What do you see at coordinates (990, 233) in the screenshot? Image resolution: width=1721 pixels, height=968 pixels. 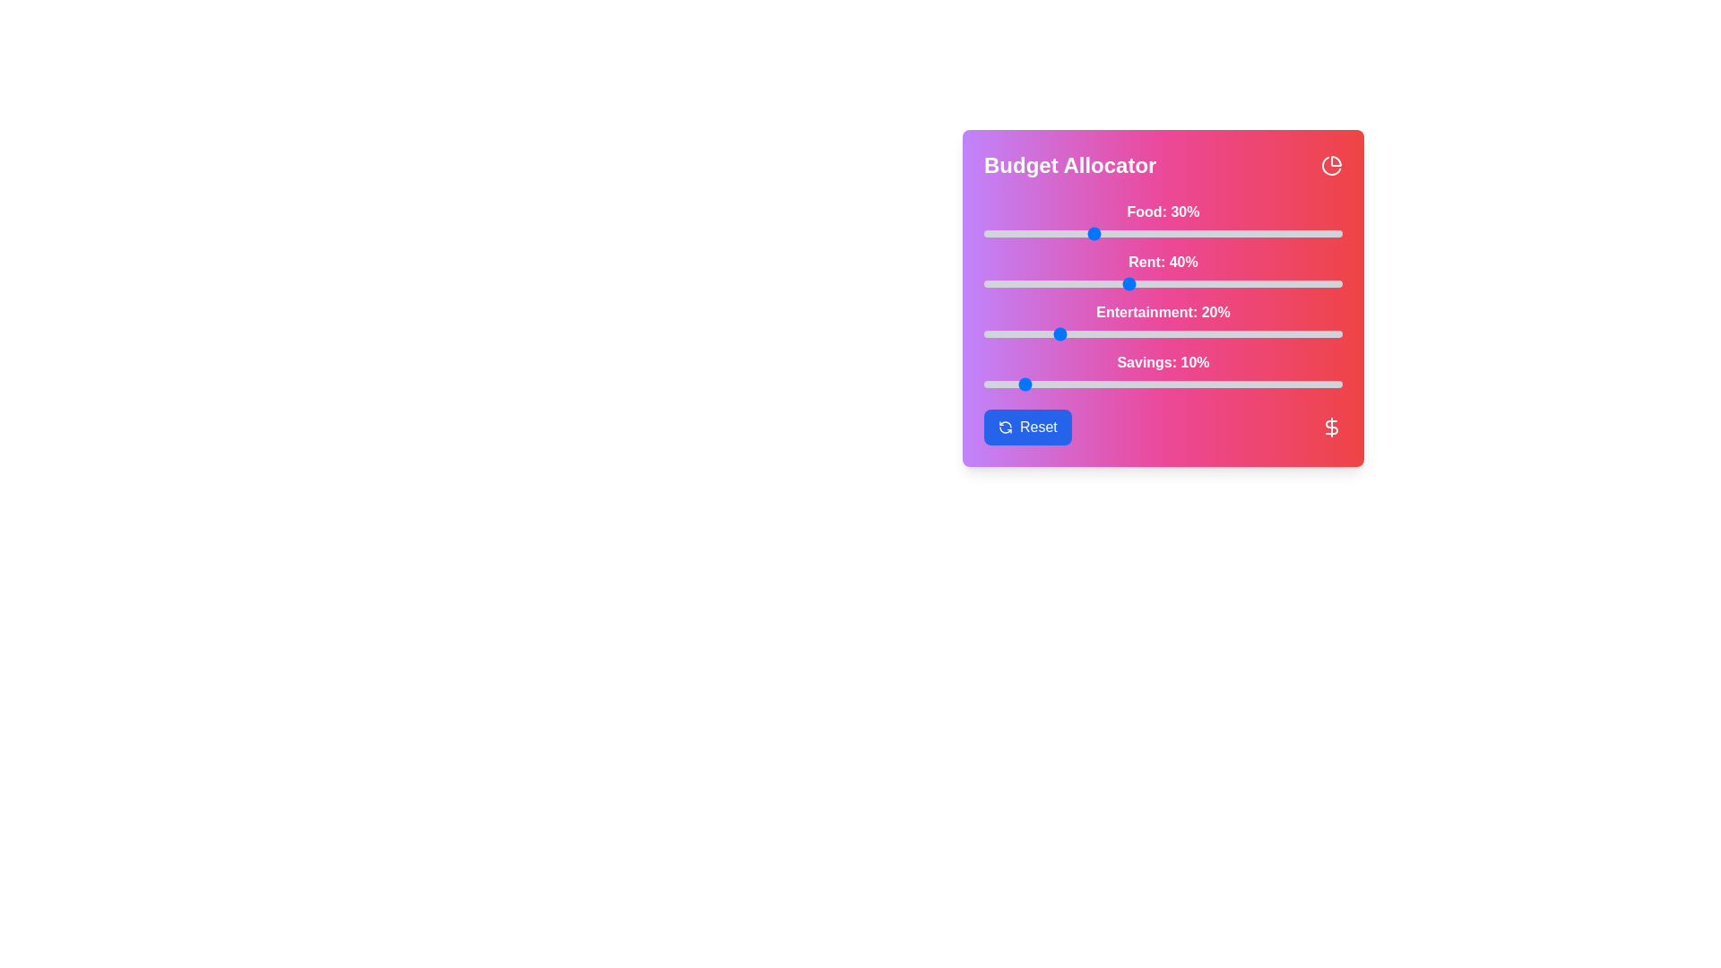 I see `'Food' slider` at bounding box center [990, 233].